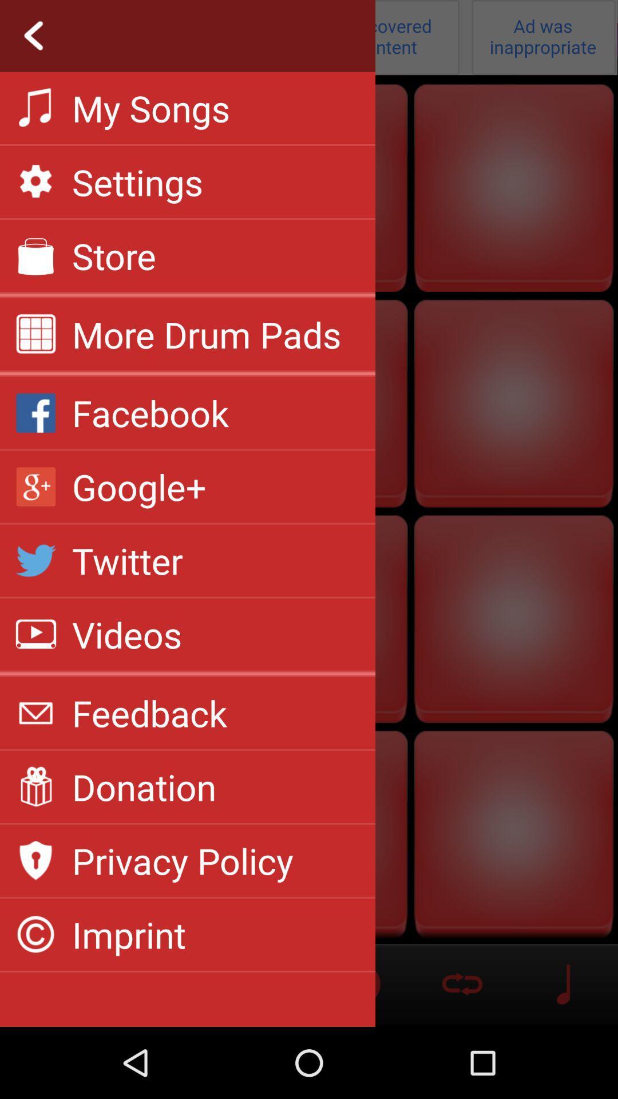 This screenshot has height=1099, width=618. Describe the element at coordinates (138, 487) in the screenshot. I see `the item above the twitter` at that location.